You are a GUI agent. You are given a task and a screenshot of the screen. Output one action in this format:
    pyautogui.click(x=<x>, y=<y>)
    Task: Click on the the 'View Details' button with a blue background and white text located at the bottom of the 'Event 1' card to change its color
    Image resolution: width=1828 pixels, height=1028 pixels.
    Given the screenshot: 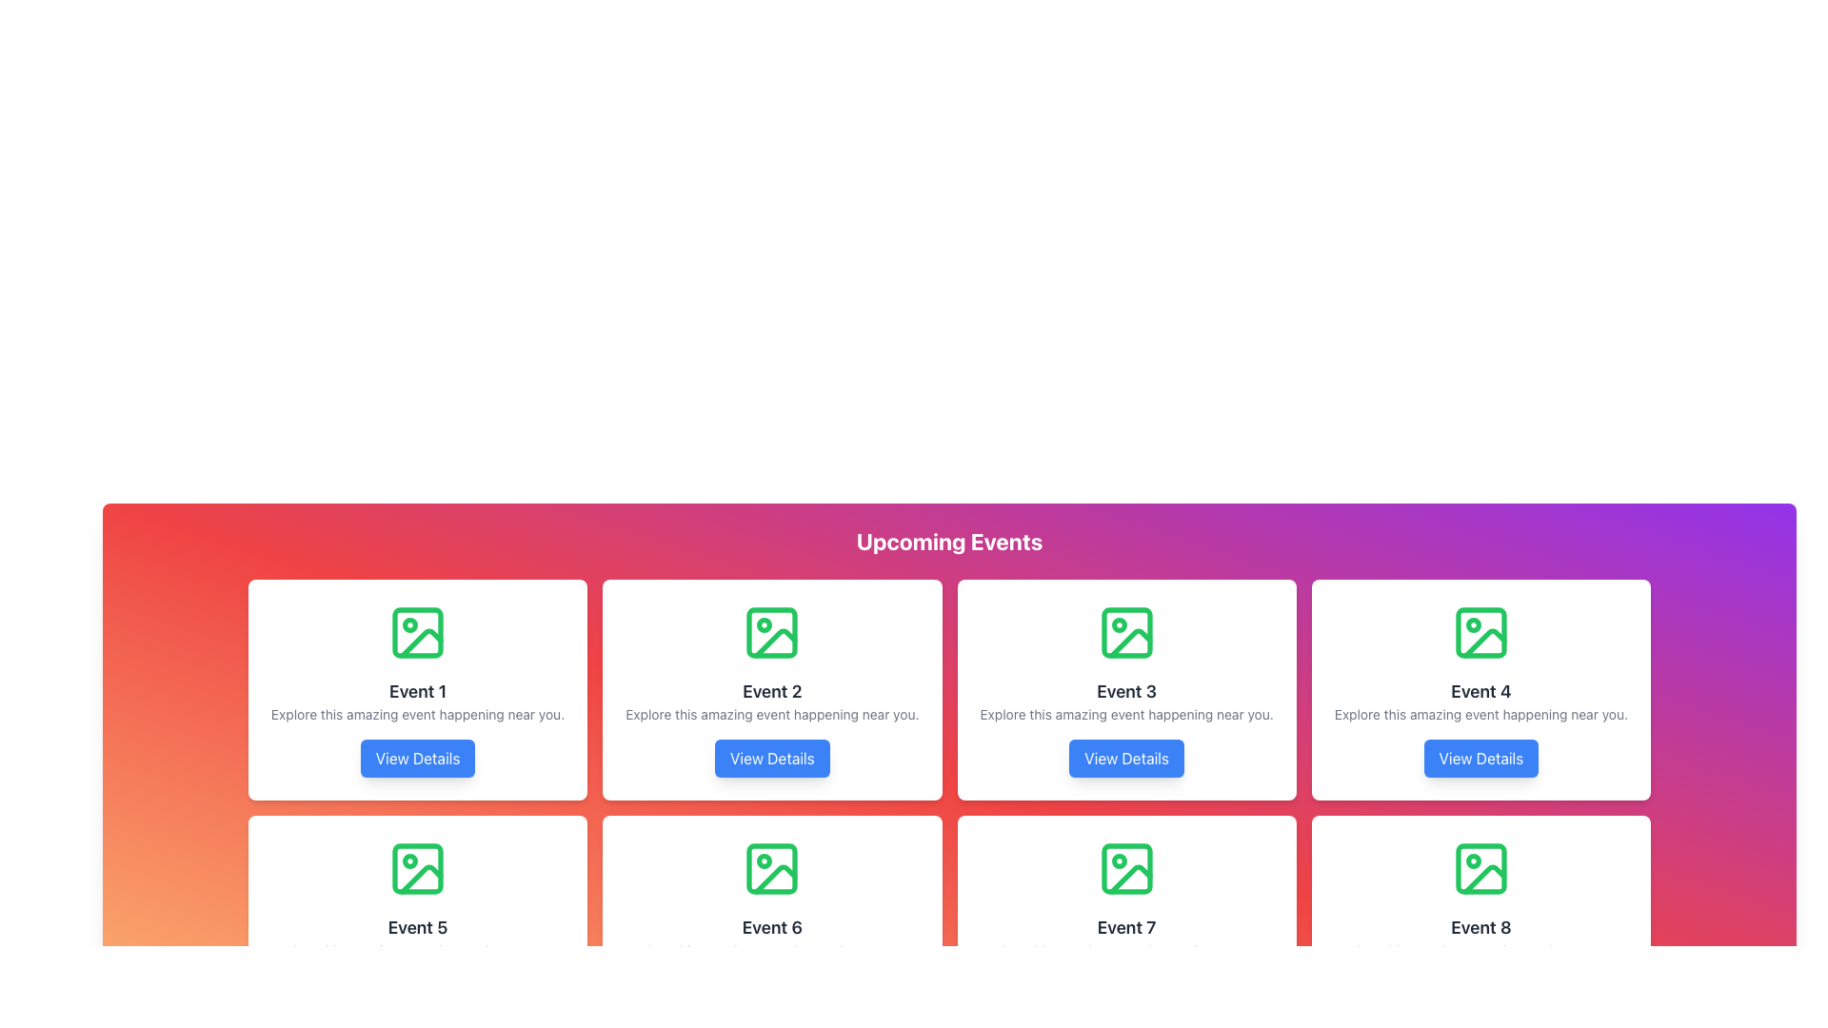 What is the action you would take?
    pyautogui.click(x=417, y=758)
    